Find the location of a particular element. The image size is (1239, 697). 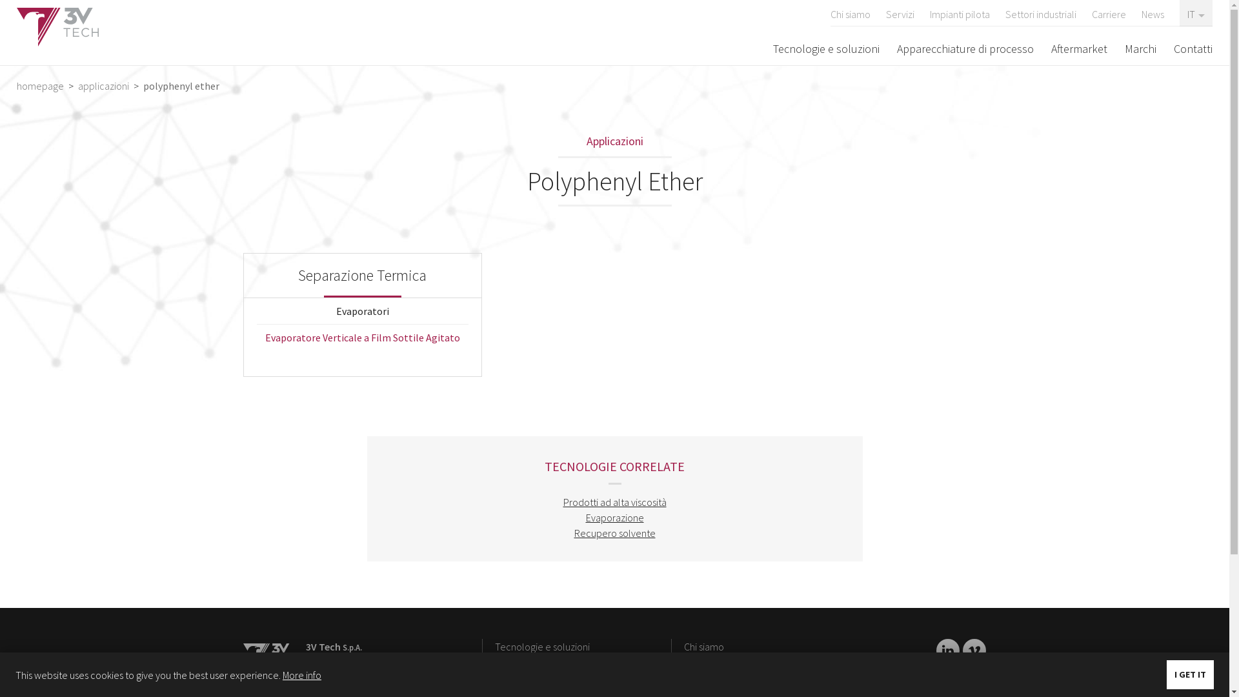

'Evaporazione' is located at coordinates (614, 517).